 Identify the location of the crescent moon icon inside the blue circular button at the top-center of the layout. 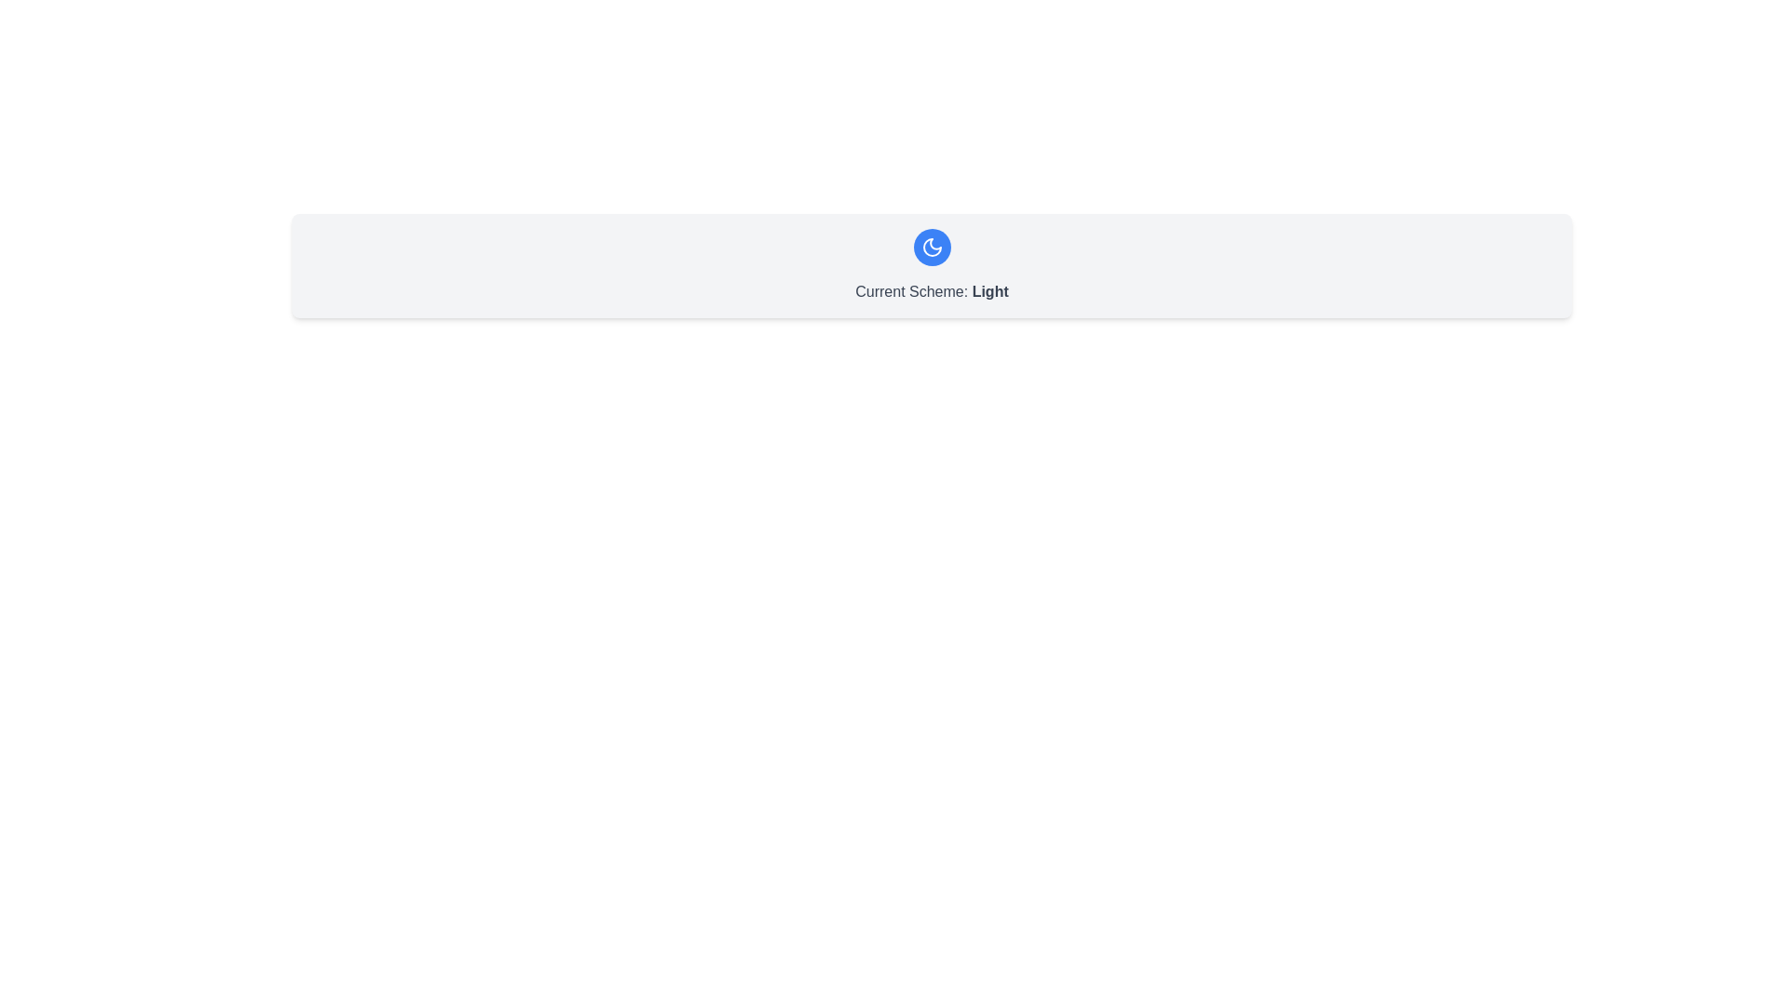
(932, 247).